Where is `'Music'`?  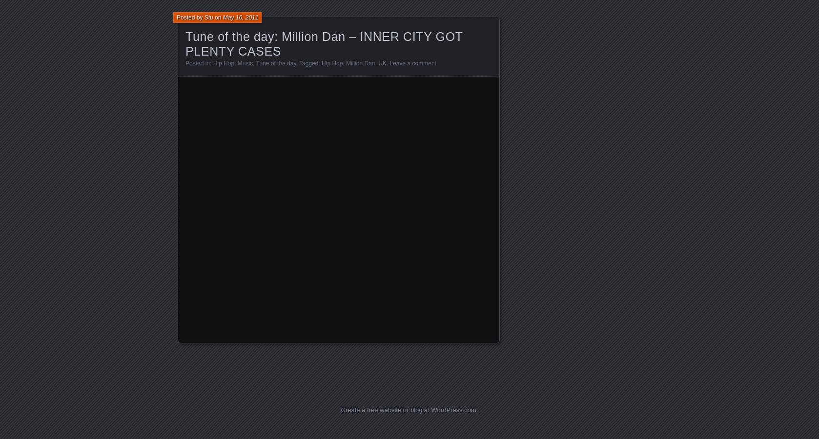
'Music' is located at coordinates (245, 63).